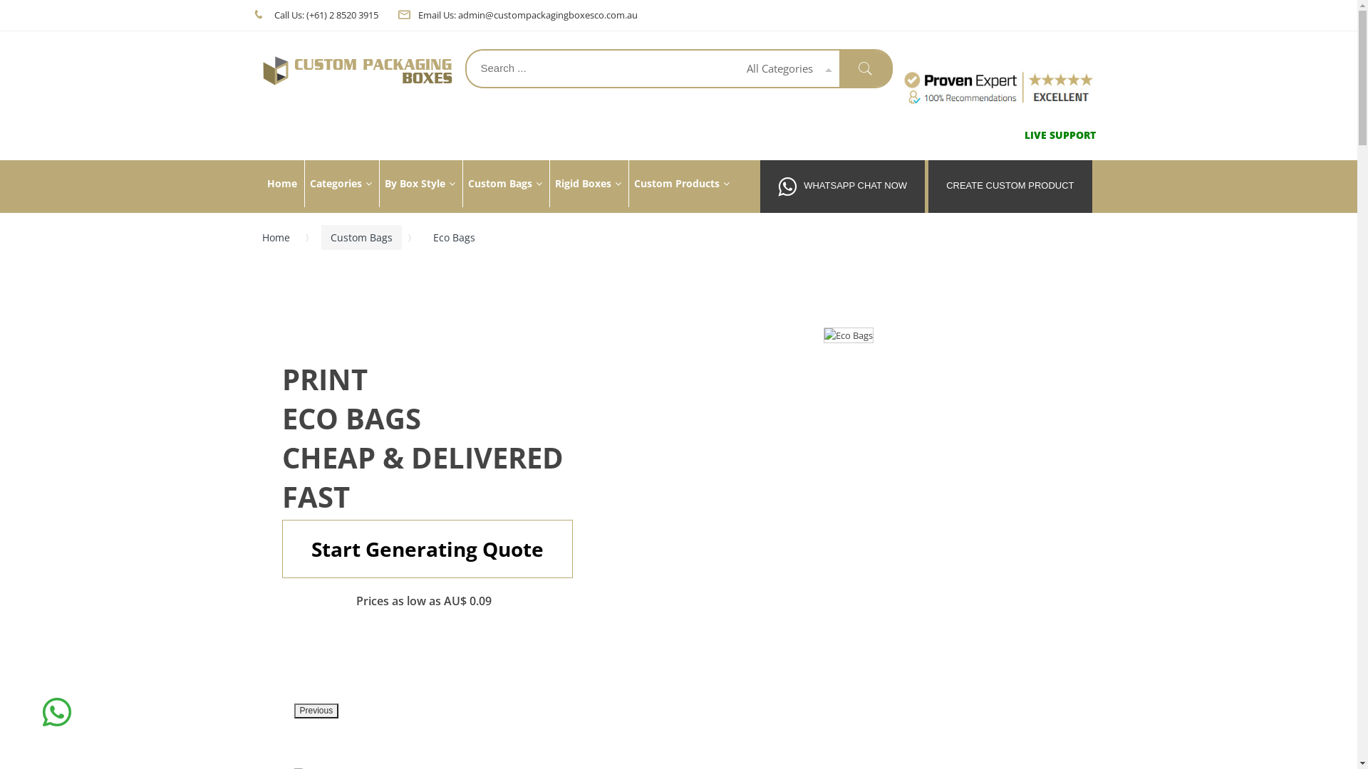 The image size is (1368, 769). What do you see at coordinates (338, 183) in the screenshot?
I see `'Categories'` at bounding box center [338, 183].